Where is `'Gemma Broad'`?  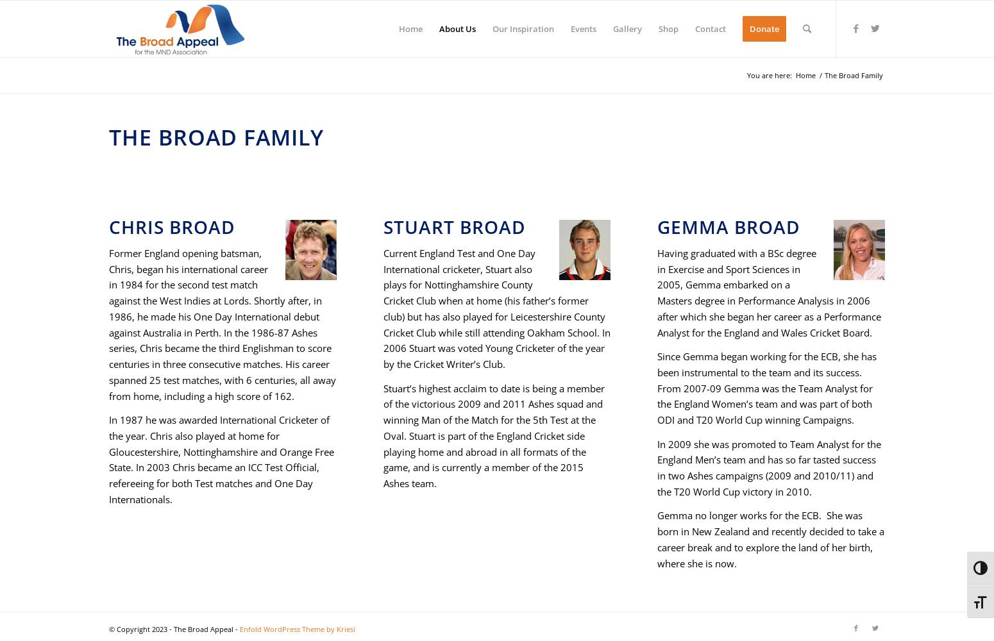 'Gemma Broad' is located at coordinates (728, 226).